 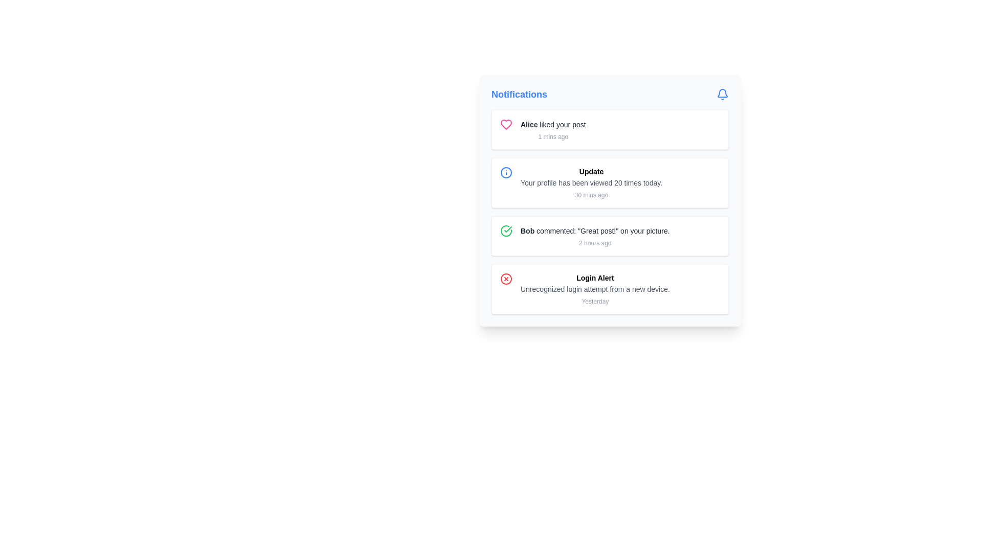 I want to click on the 'Login Alert' icon/image located in the top-left corner of the notification card, which is visually distinct by its color and shape, so click(x=506, y=279).